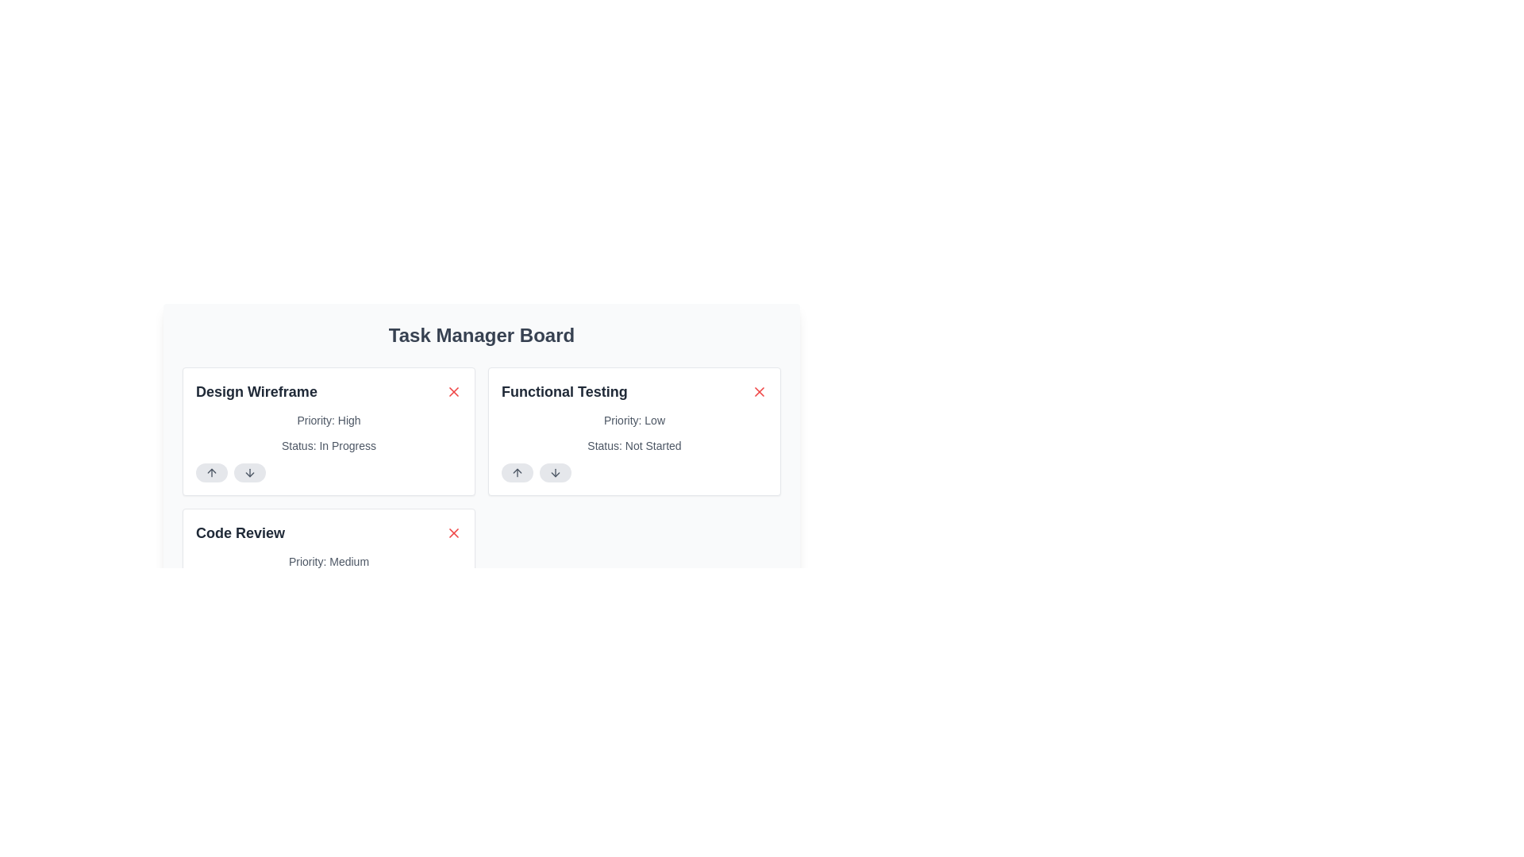  Describe the element at coordinates (518, 472) in the screenshot. I see `the upward-pointing arrow icon on the 'Functional Testing' task card in the 'Task Manager Board' to move the task upward` at that location.